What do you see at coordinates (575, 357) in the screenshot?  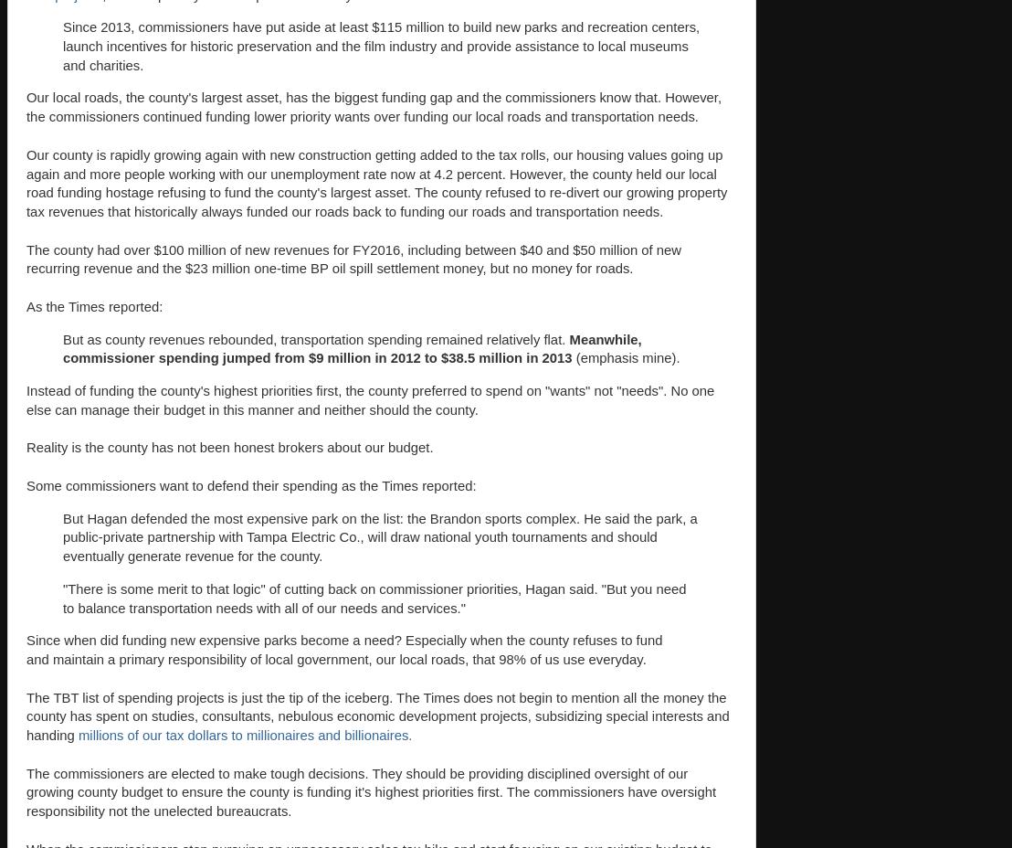 I see `'(emphasis mine).'` at bounding box center [575, 357].